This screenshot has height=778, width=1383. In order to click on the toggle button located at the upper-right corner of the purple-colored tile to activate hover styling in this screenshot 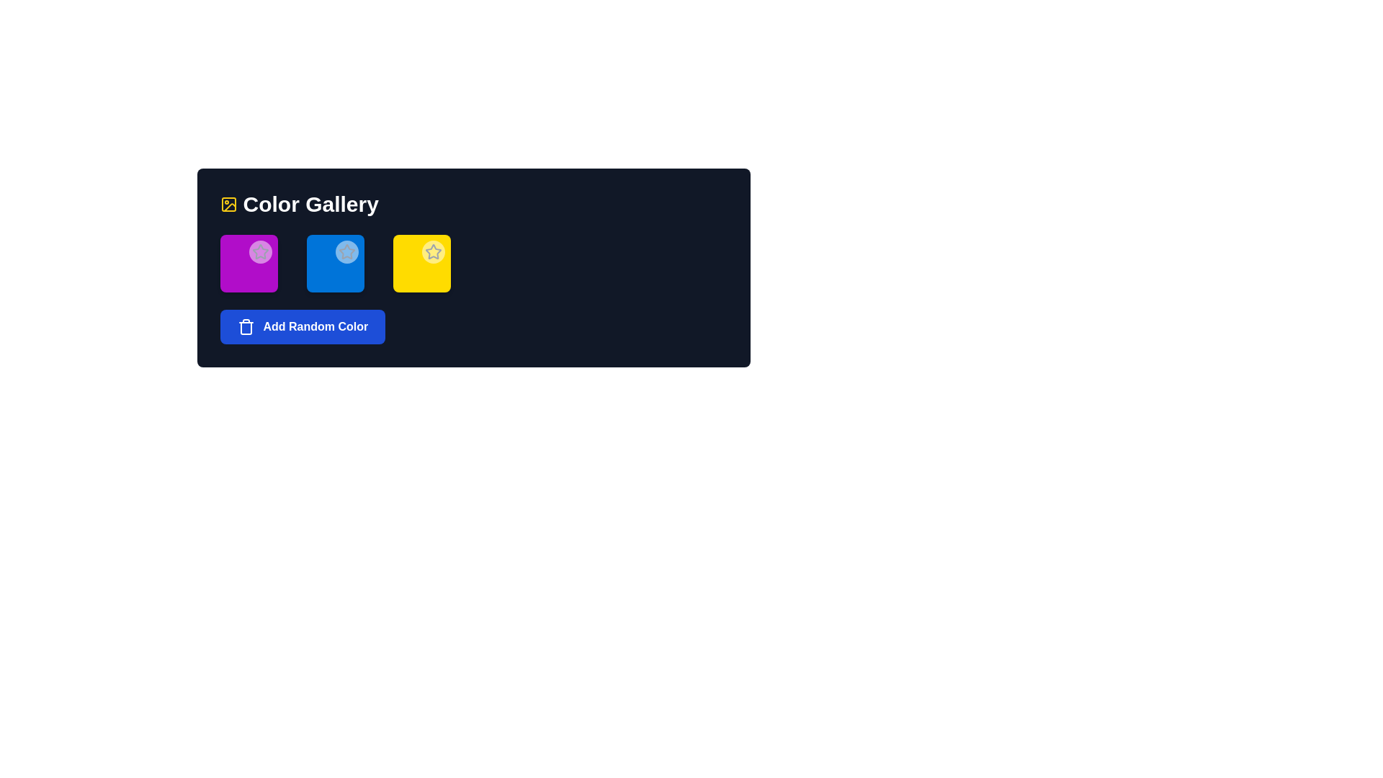, I will do `click(260, 251)`.